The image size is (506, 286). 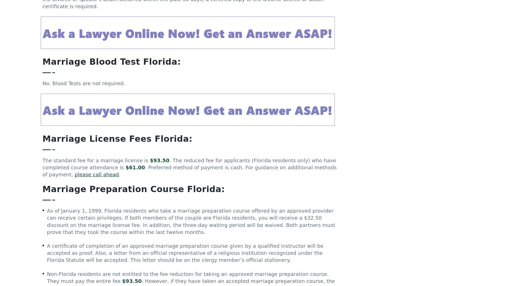 I want to click on 'Marriage Blood Test Florida:', so click(x=112, y=64).